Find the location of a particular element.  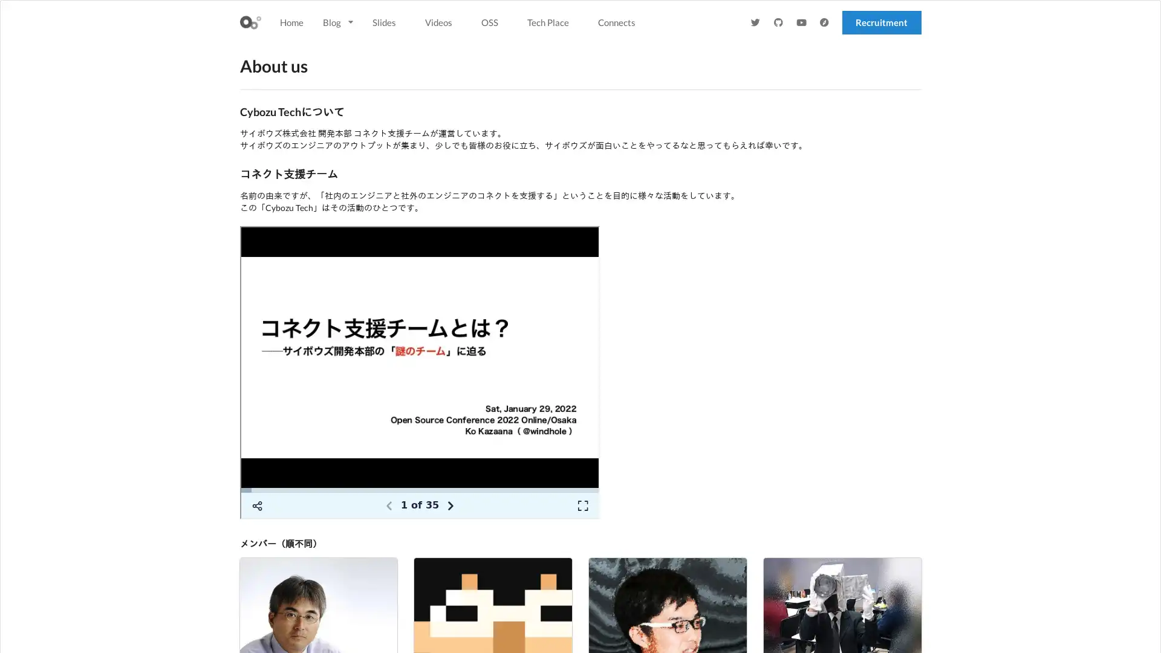

Recruitment is located at coordinates (881, 22).